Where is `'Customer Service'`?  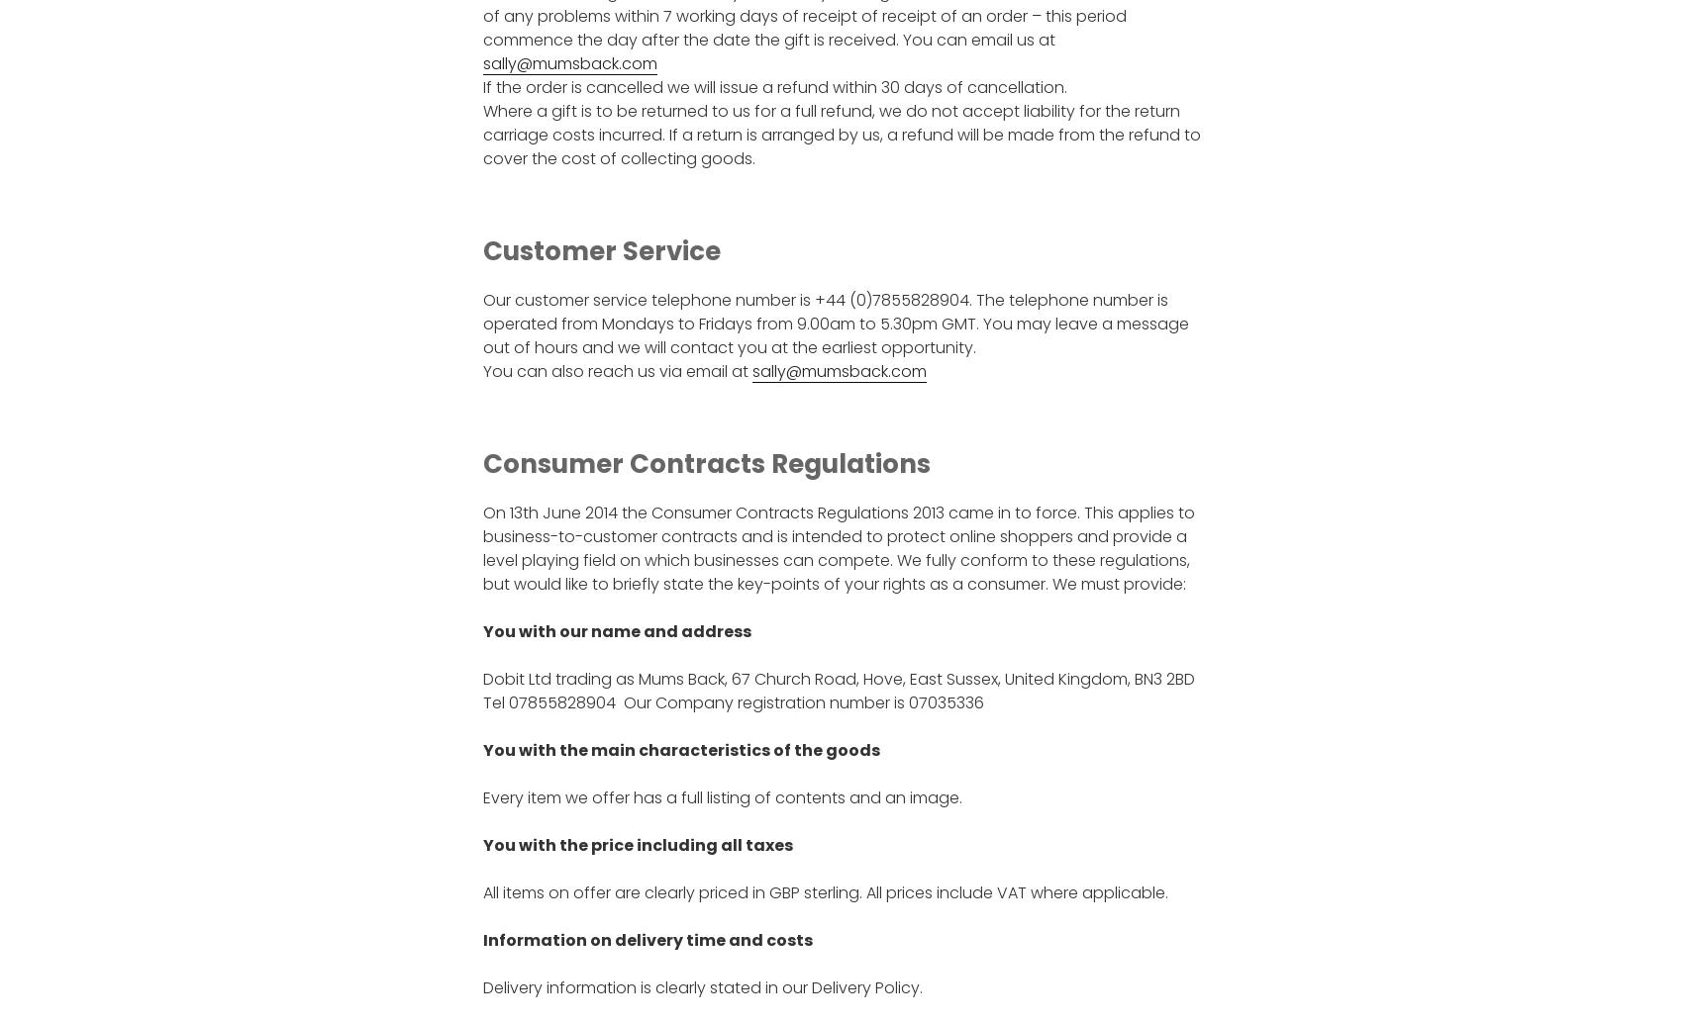 'Customer Service' is located at coordinates (599, 251).